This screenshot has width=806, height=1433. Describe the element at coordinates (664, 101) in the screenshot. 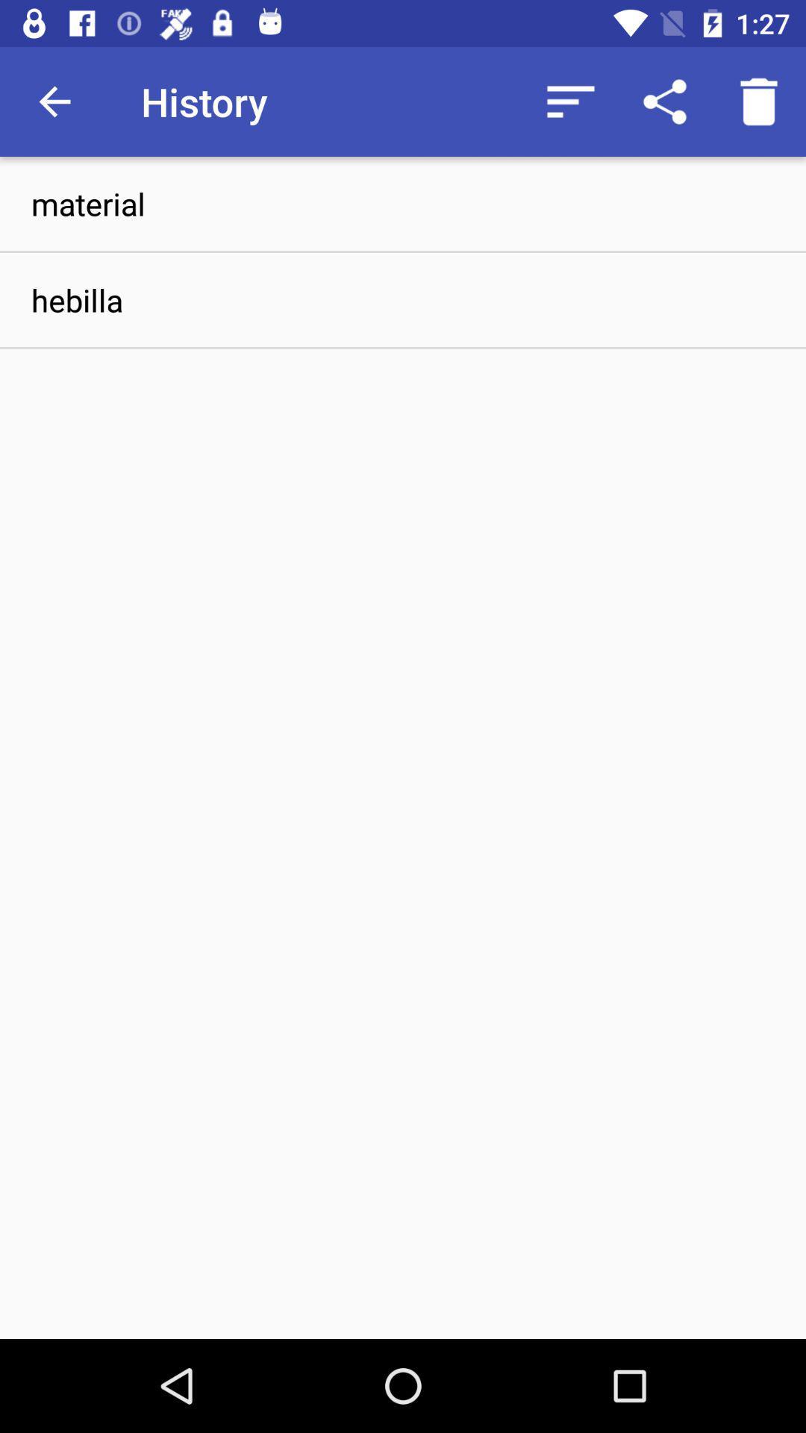

I see `the icon above material item` at that location.